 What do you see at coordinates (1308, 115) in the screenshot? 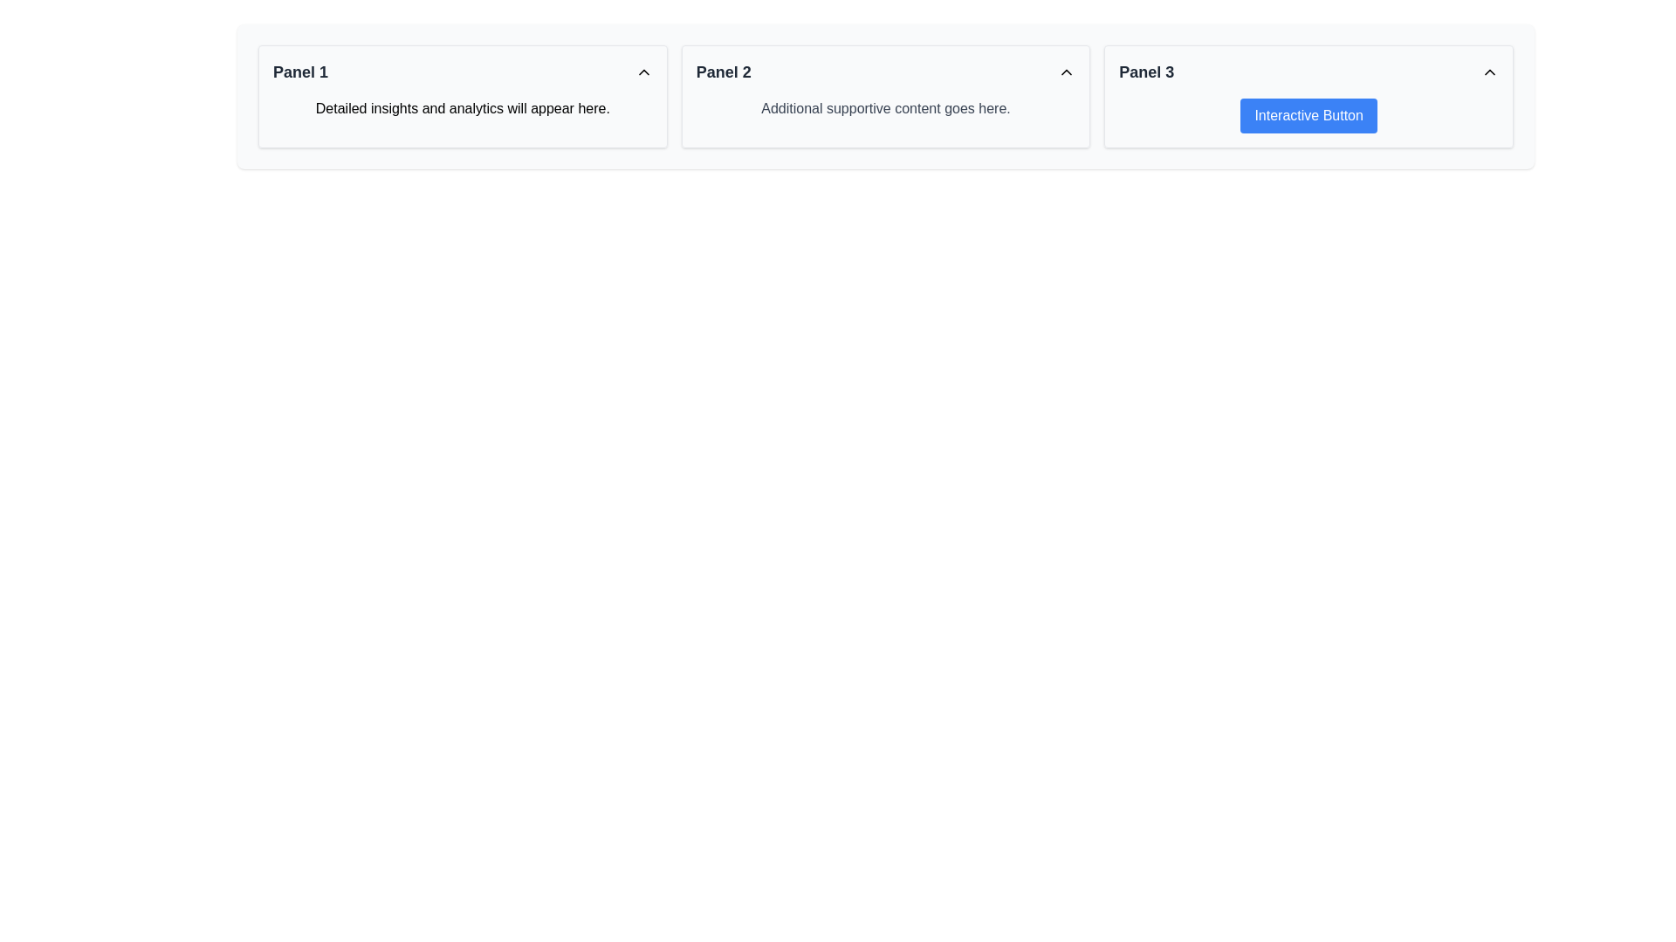
I see `the 'Interactive Button' located in Panel 3, which has a blue background and white text` at bounding box center [1308, 115].